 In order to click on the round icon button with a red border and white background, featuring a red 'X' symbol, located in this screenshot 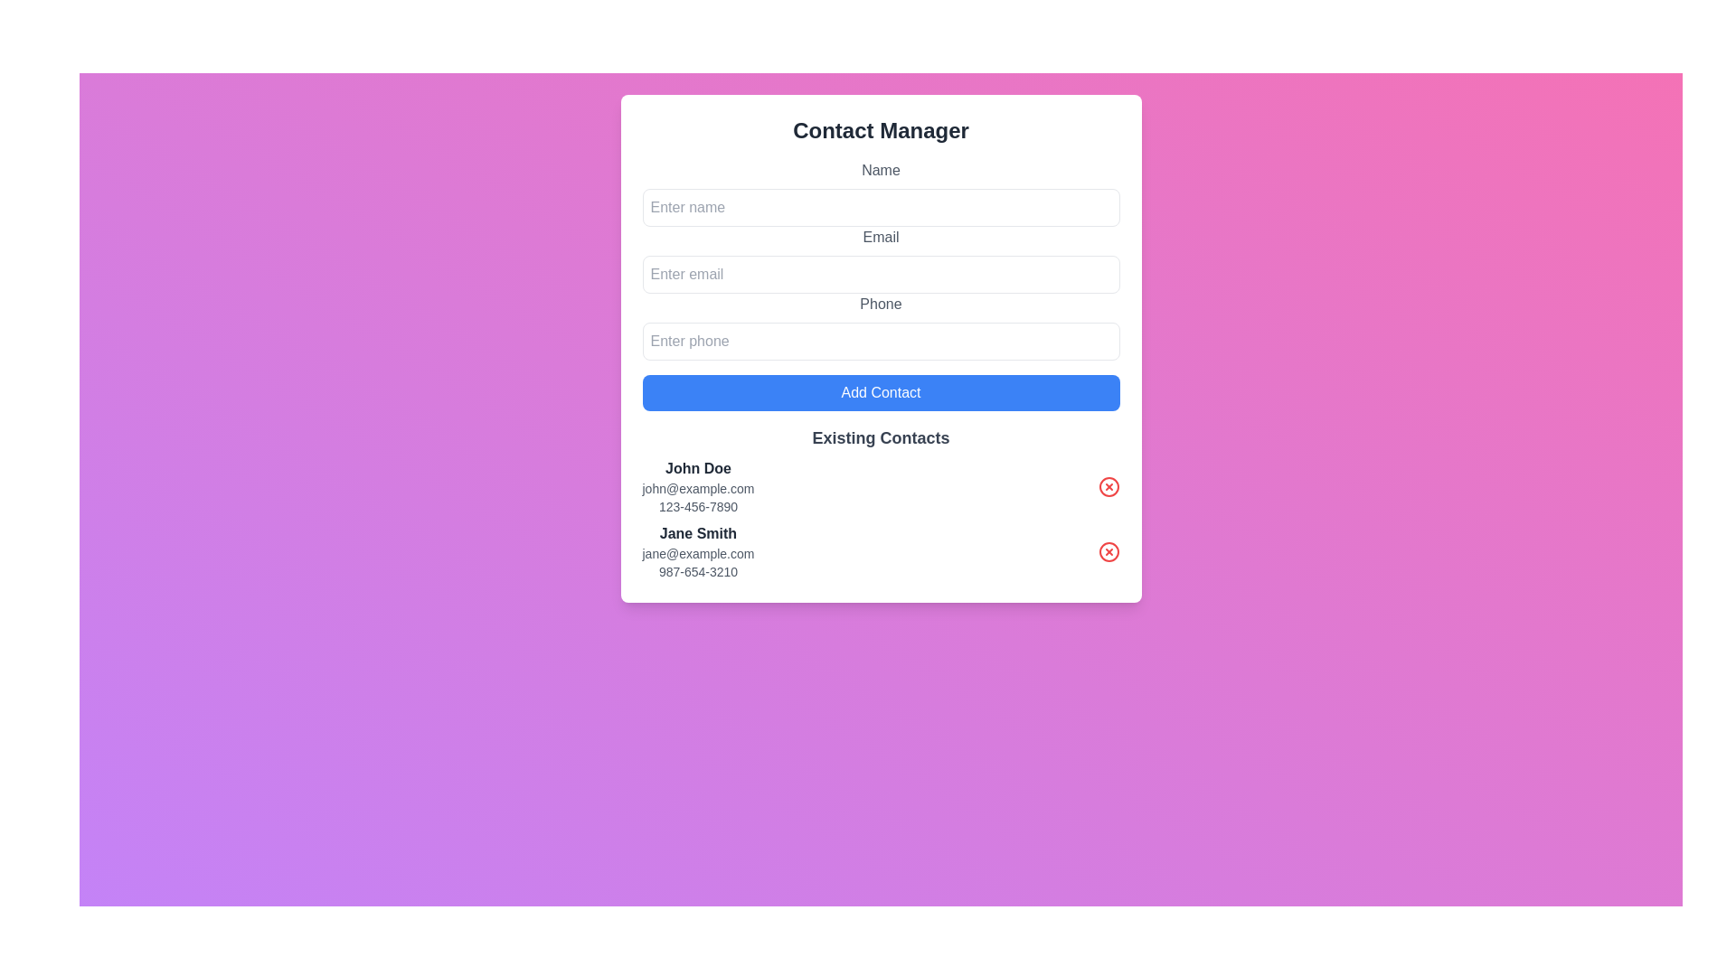, I will do `click(1108, 550)`.